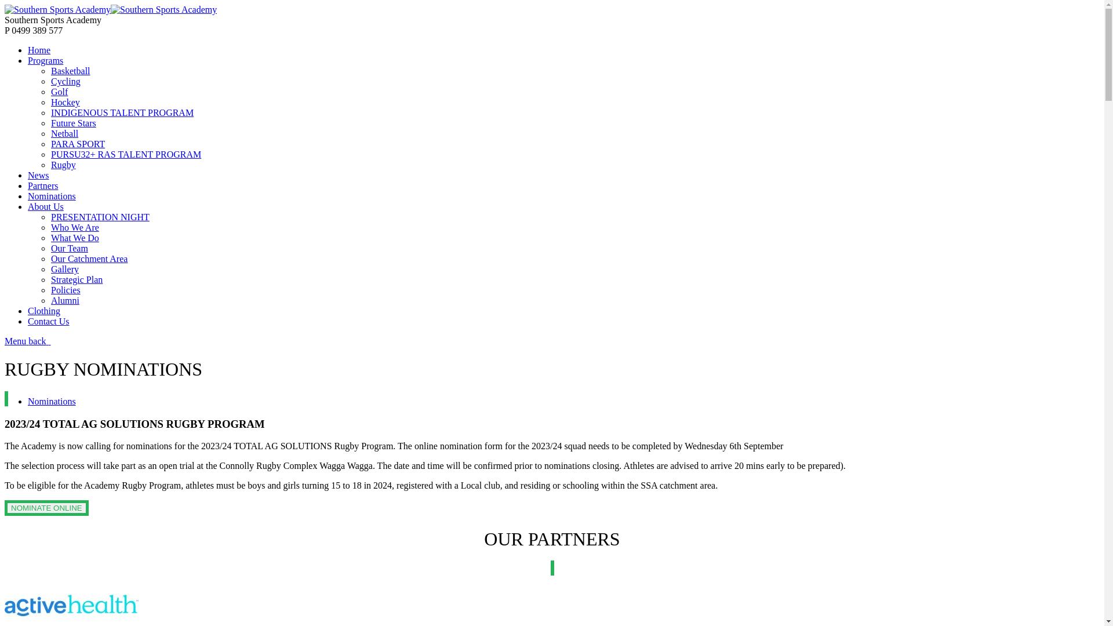  I want to click on 'Nominations', so click(28, 195).